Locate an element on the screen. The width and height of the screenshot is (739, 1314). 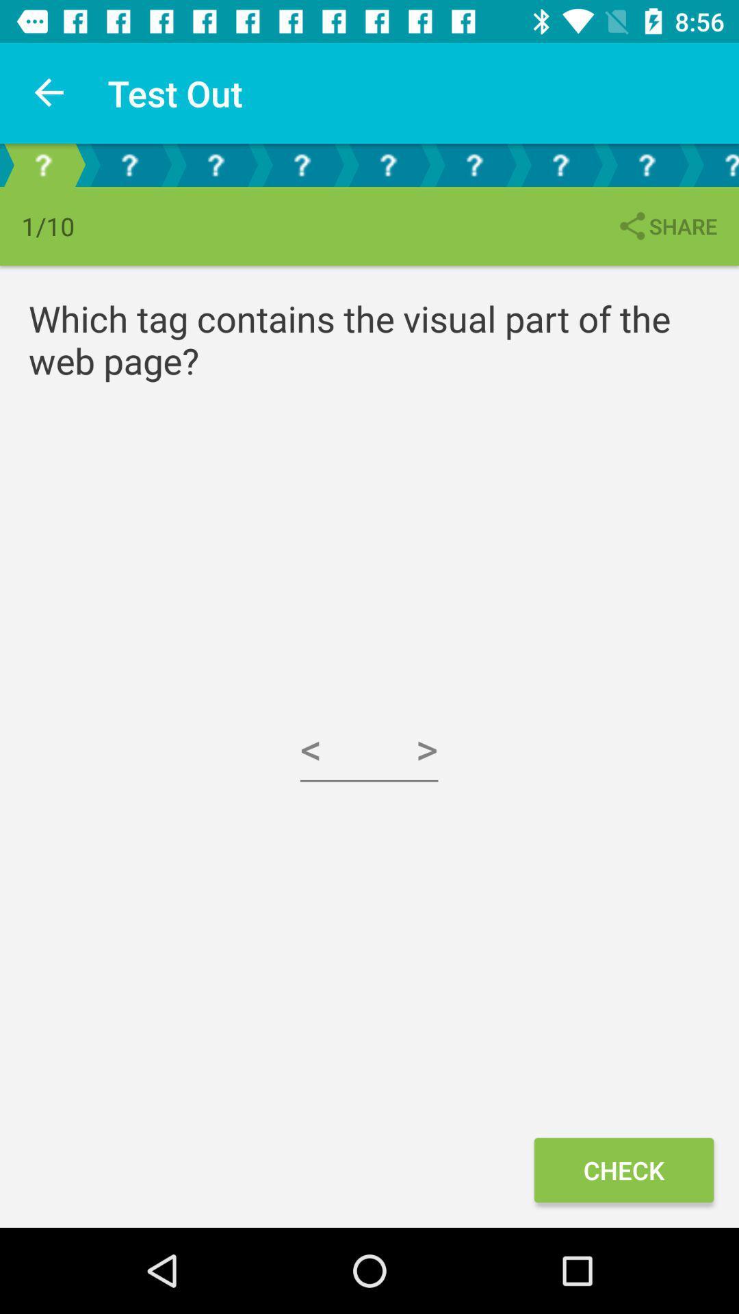
answer the questin is located at coordinates (388, 164).